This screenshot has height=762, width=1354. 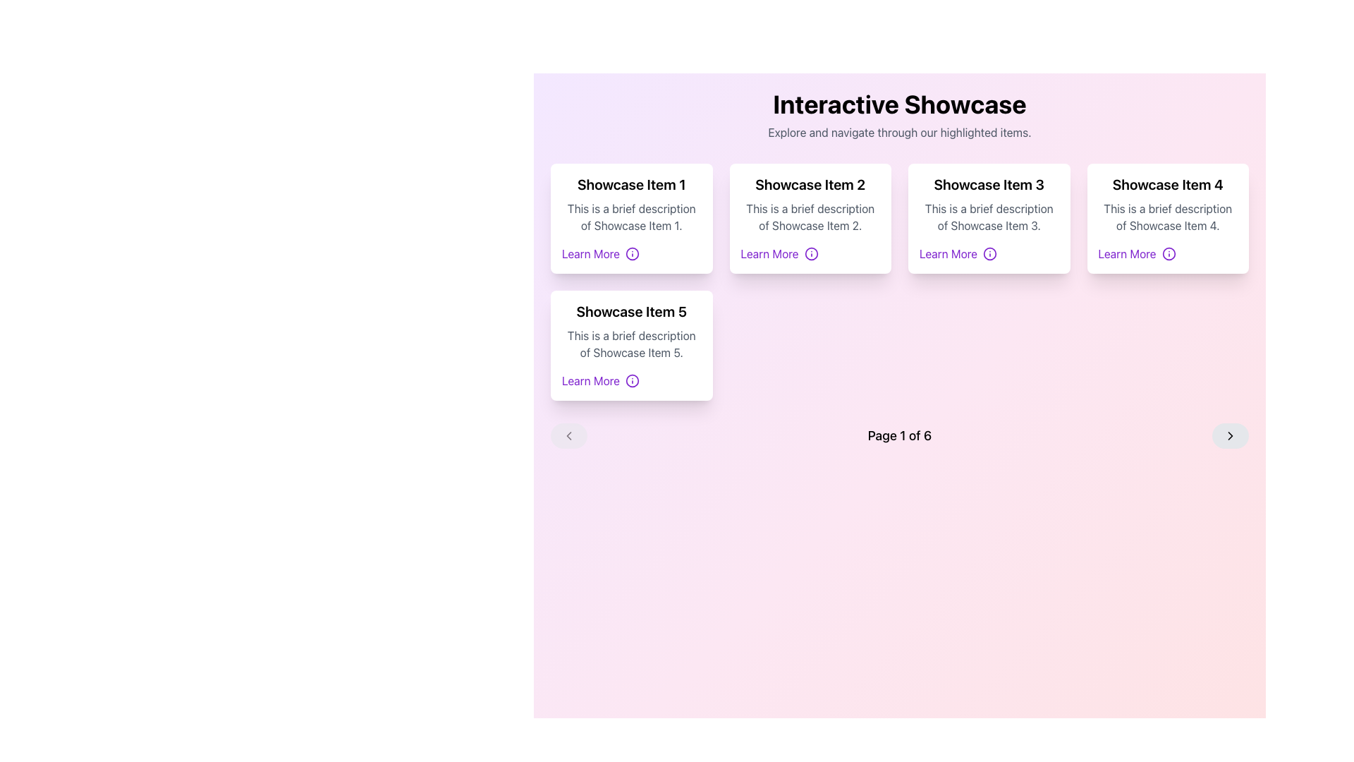 I want to click on the textual header component that displays 'Interactive Showcase' and its subtitle 'Explore and navigate through our highlighted items', so click(x=899, y=115).